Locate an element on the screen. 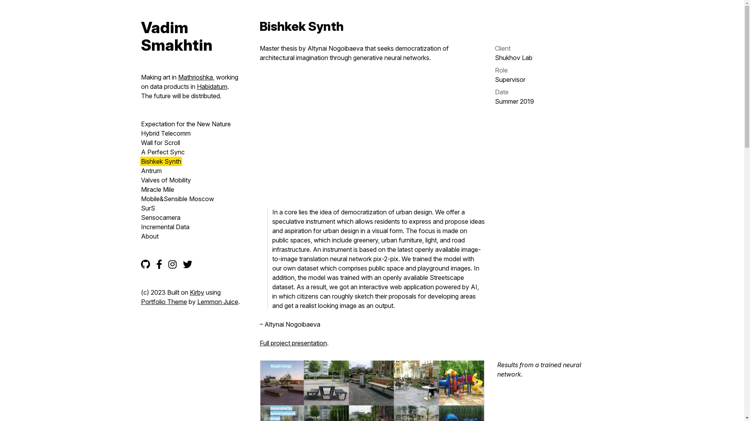  'Antrum' is located at coordinates (151, 170).